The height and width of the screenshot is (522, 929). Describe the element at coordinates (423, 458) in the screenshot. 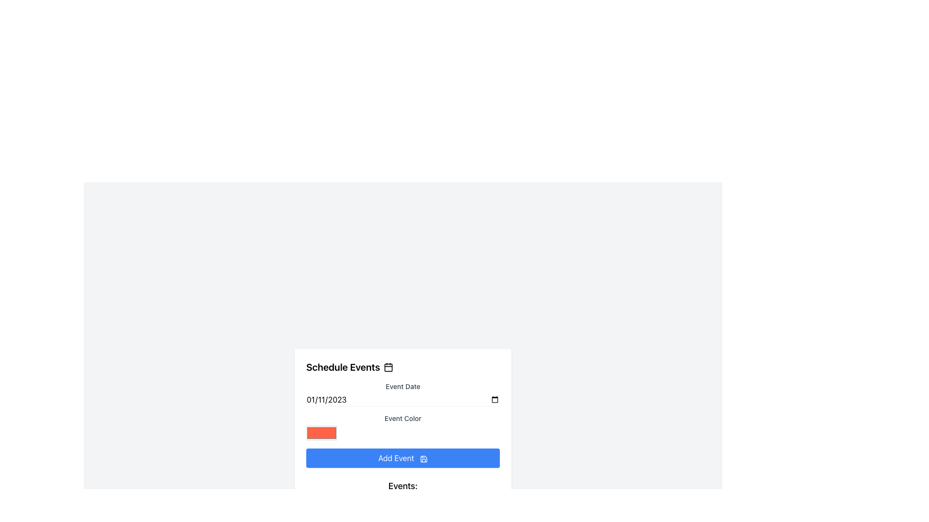

I see `the save icon located to the right of the 'Add Event' text within the 'Add Event' button for interaction` at that location.